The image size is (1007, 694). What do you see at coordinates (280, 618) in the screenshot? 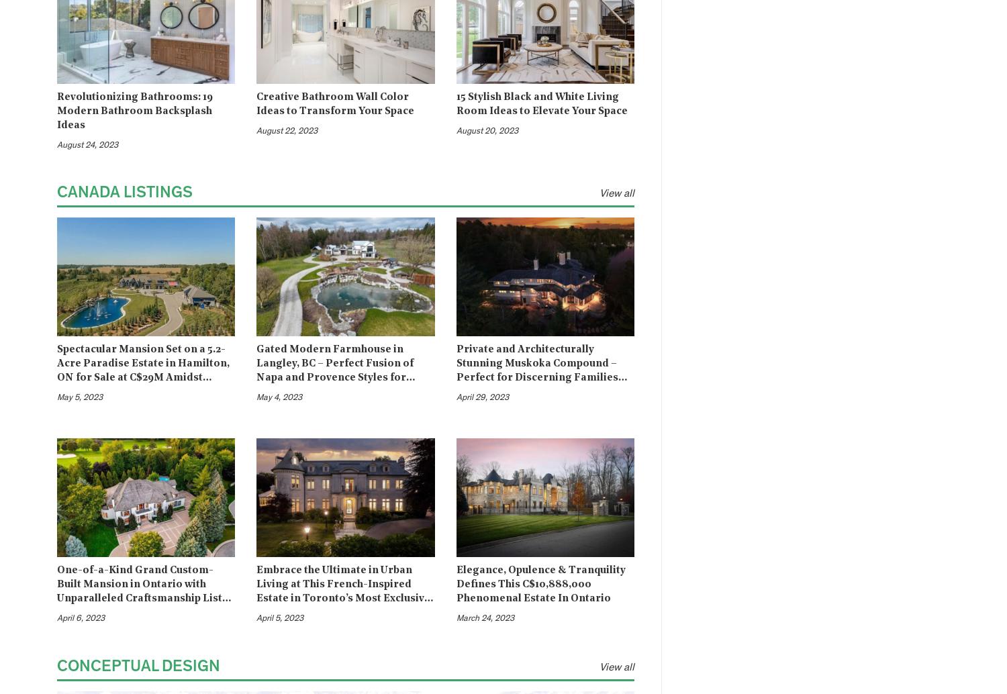
I see `'April 5, 2023'` at bounding box center [280, 618].